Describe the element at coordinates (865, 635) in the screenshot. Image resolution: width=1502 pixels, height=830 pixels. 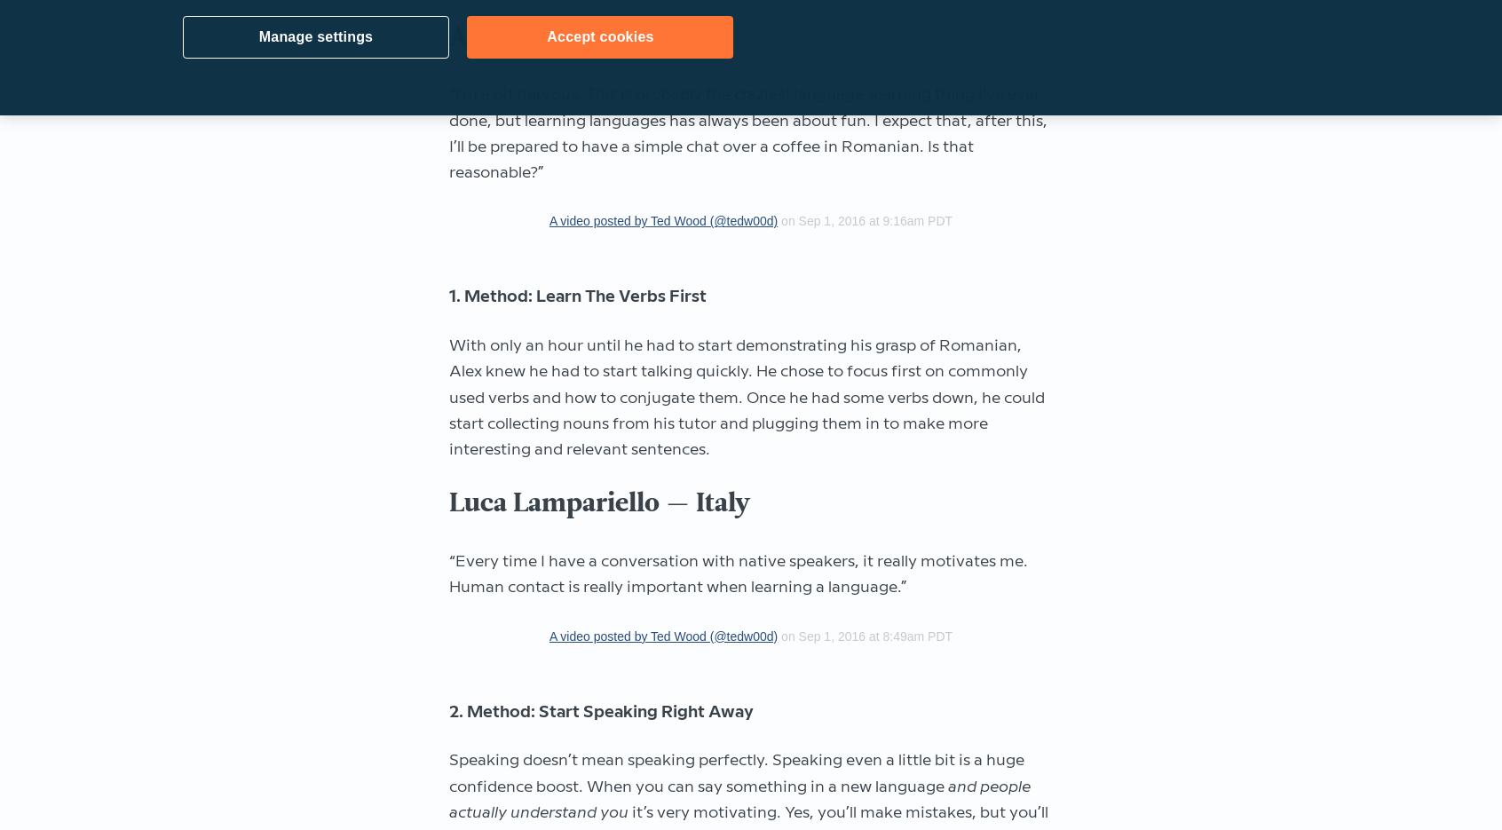
I see `'on Sep 1, 2016 at 8:49am PDT'` at that location.